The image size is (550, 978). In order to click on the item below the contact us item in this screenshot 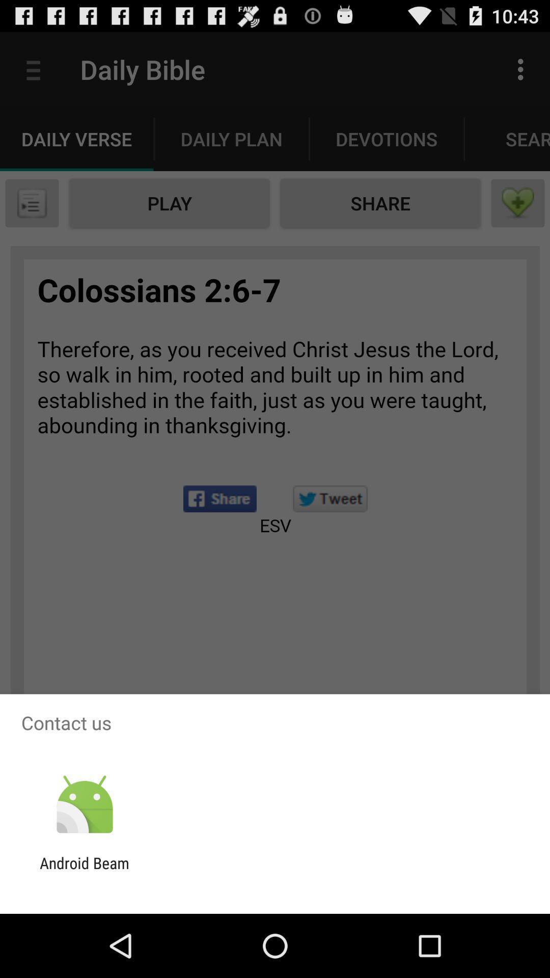, I will do `click(84, 804)`.